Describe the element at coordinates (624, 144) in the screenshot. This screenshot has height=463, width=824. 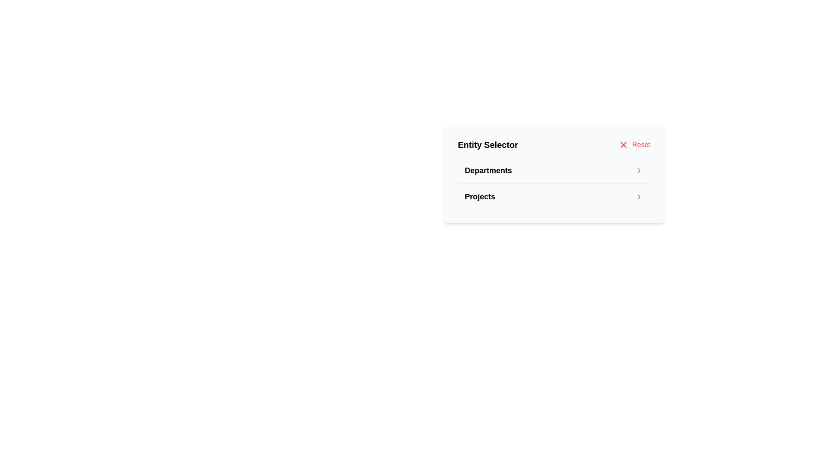
I see `the red 'x' shaped icon located to the left of the 'Reset' text` at that location.